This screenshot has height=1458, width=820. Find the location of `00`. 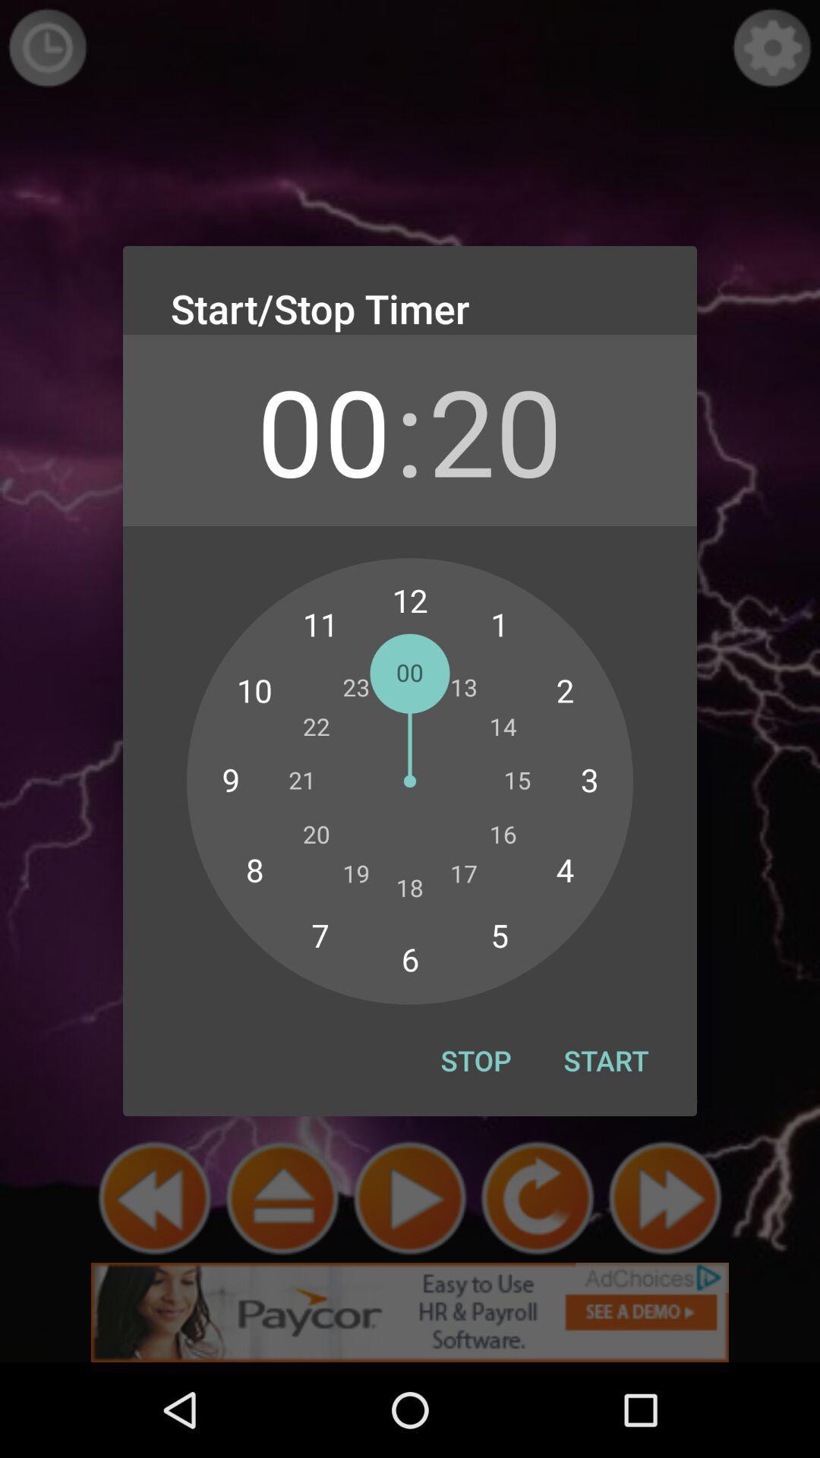

00 is located at coordinates (323, 429).